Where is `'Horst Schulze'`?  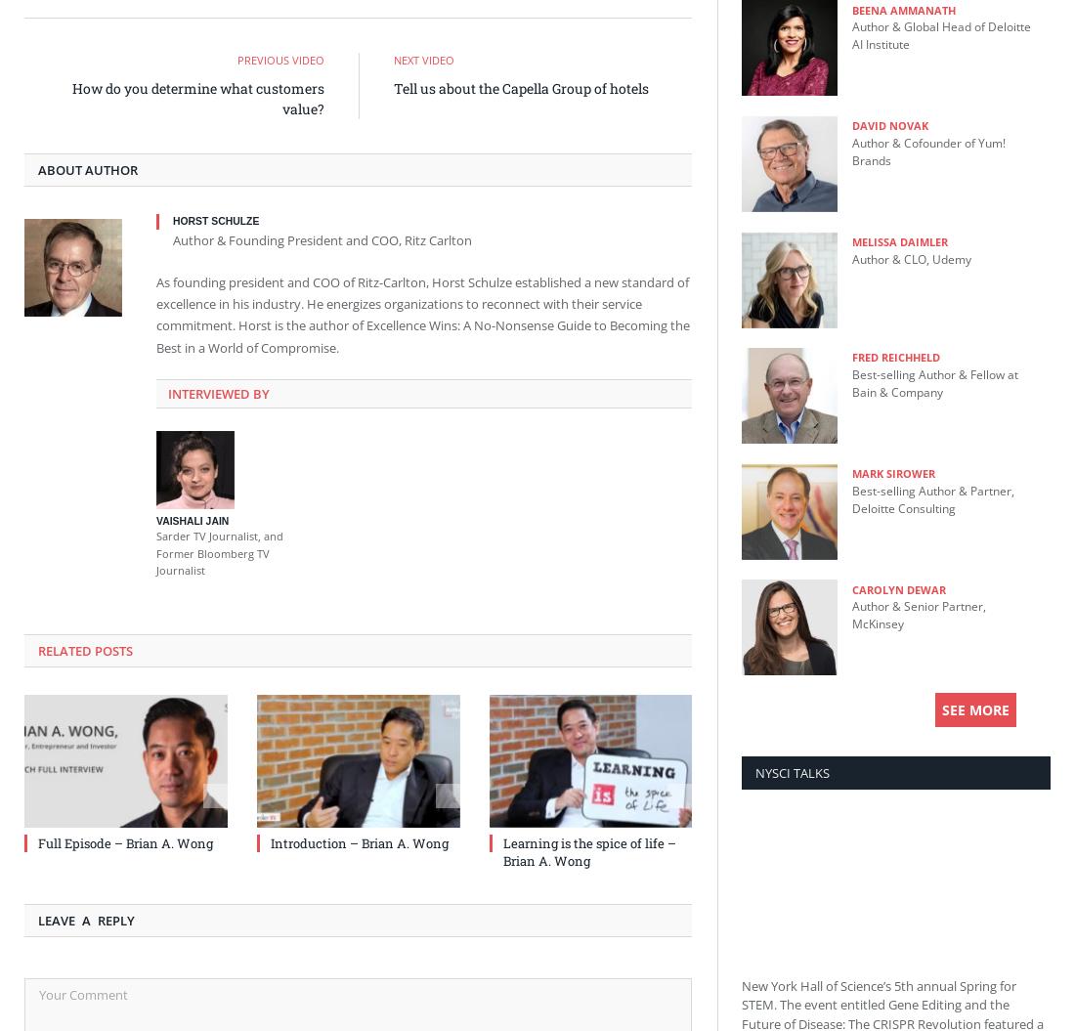 'Horst Schulze' is located at coordinates (171, 220).